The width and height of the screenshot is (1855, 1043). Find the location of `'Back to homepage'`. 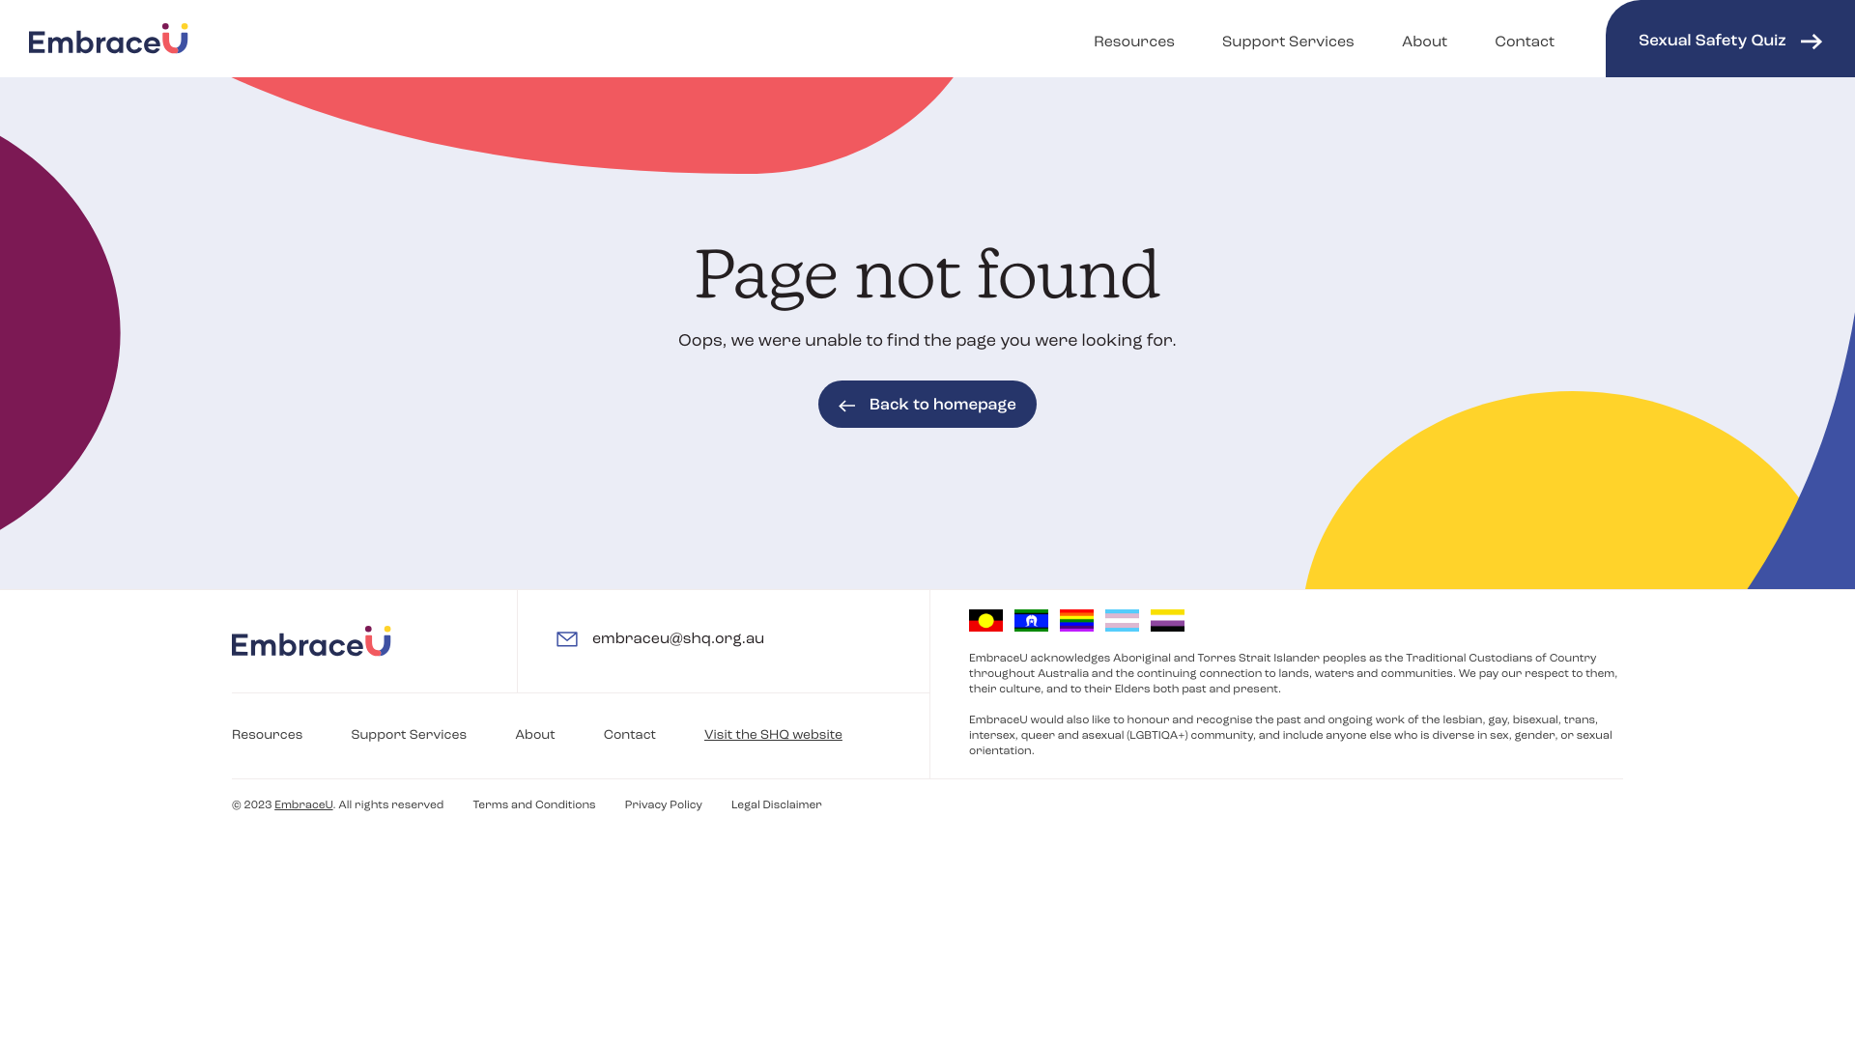

'Back to homepage' is located at coordinates (926, 404).